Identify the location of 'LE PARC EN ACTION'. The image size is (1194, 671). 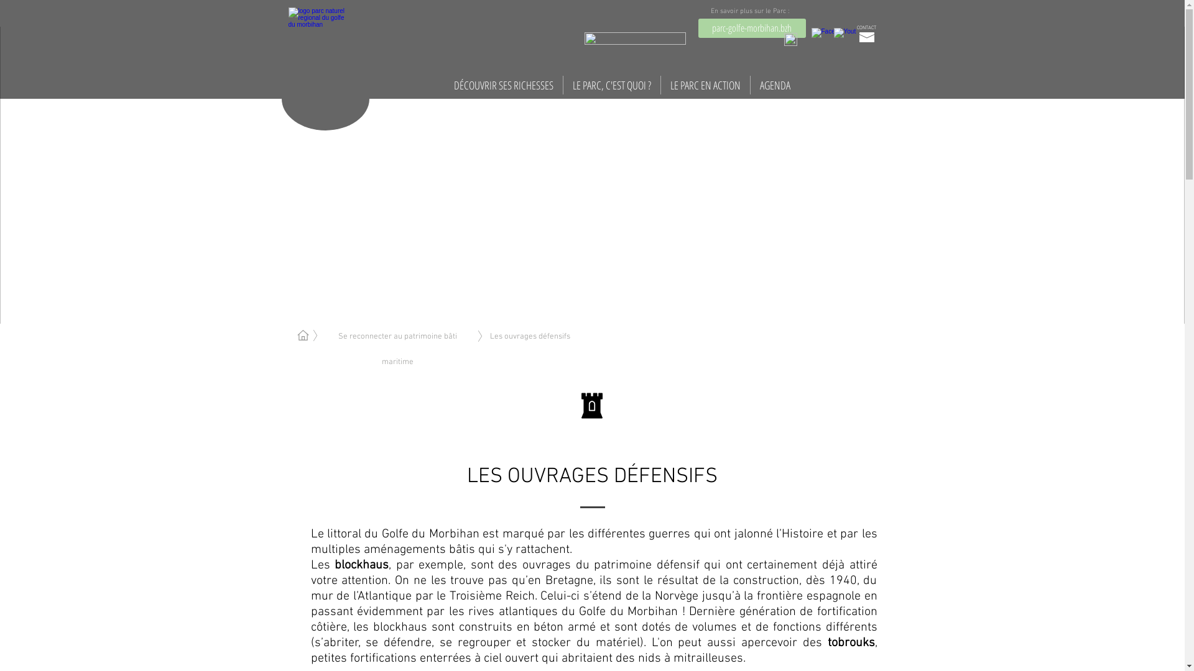
(705, 84).